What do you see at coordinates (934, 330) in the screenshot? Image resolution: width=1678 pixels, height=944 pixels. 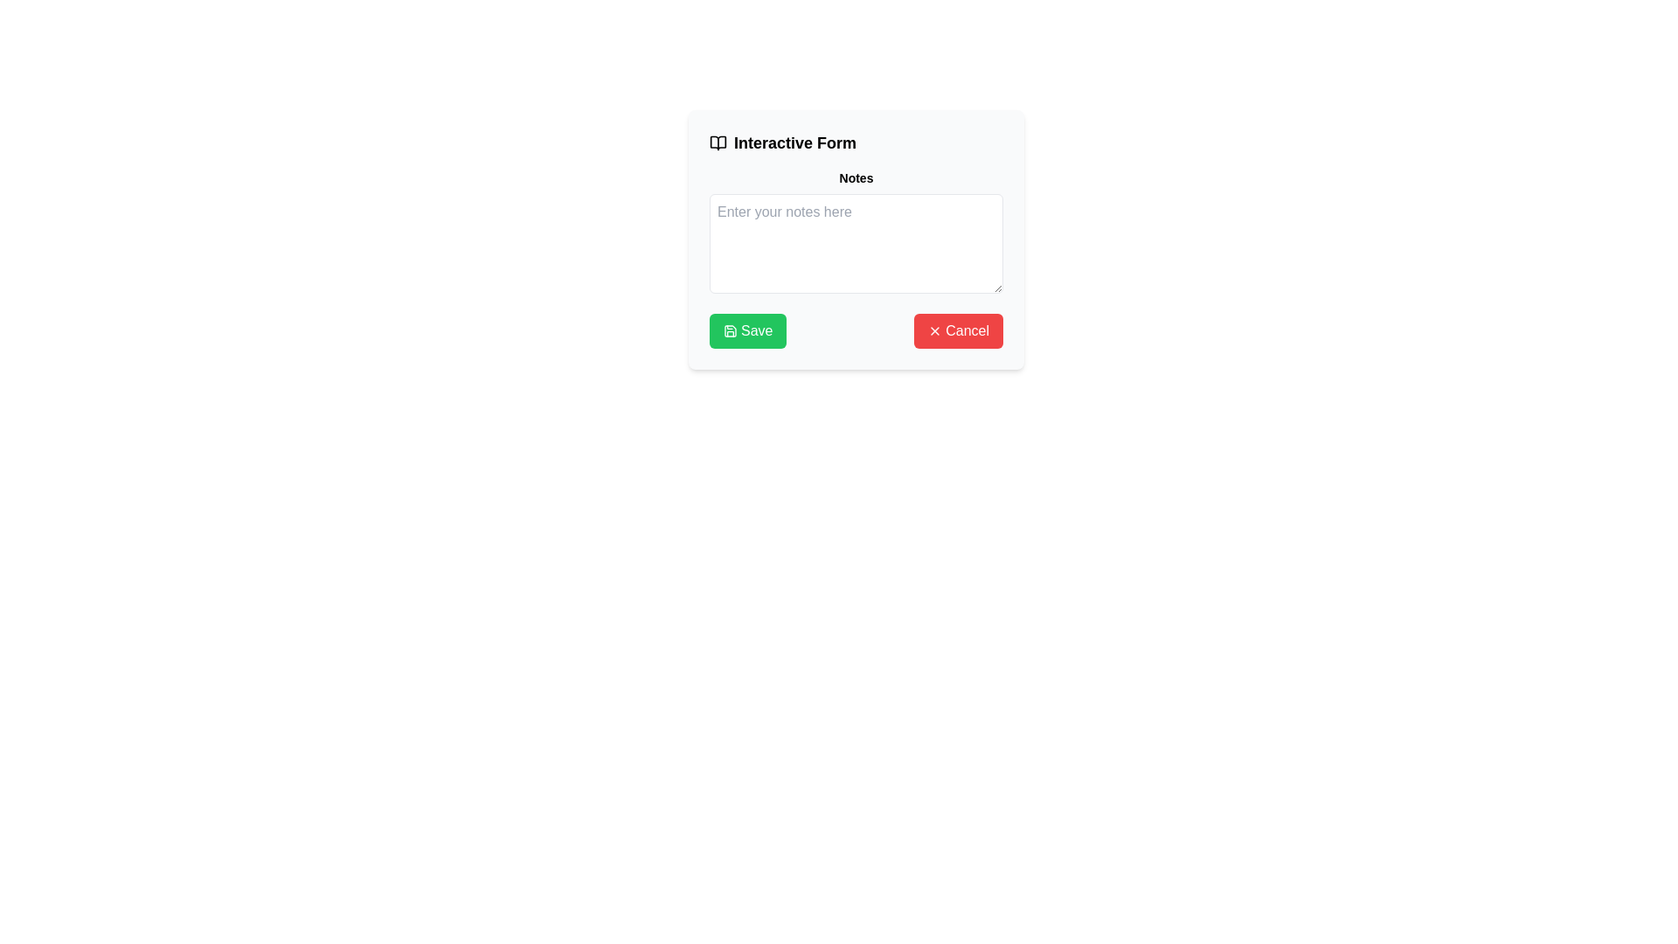 I see `the Cancel icon, which is located to the left of the 'Cancel' text label within the button at the bottom right corner of the form, to observe any visual hover effects` at bounding box center [934, 330].